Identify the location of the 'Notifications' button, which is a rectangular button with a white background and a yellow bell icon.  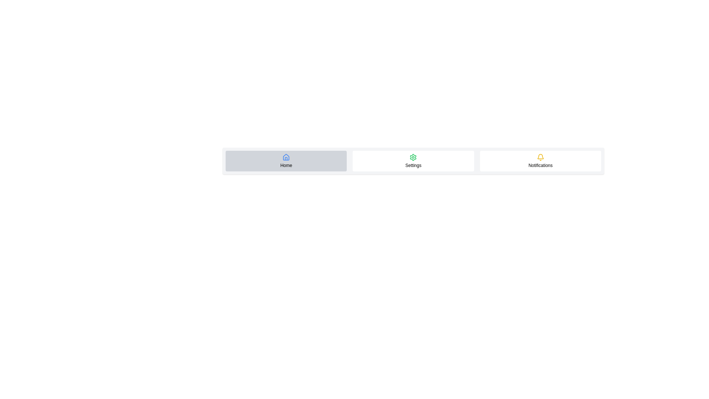
(540, 160).